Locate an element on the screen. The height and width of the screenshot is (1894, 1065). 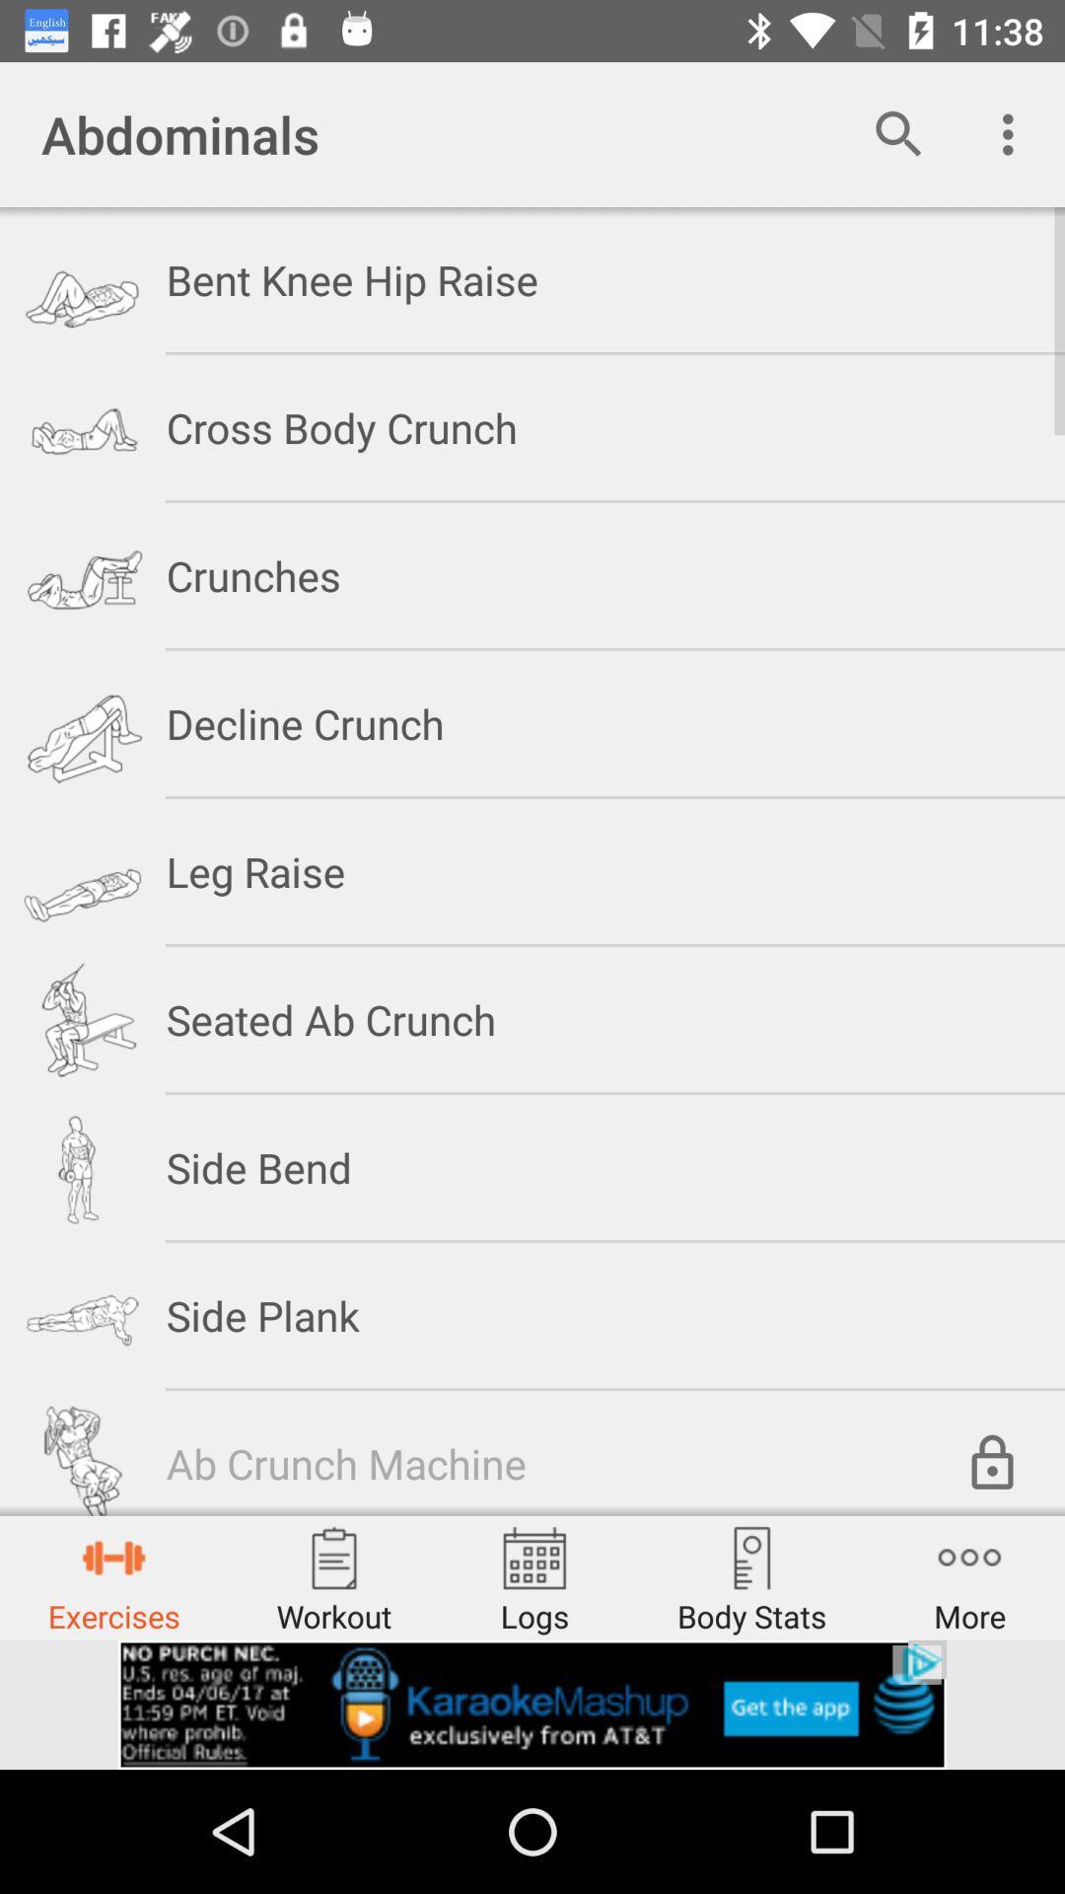
the option is located at coordinates (532, 1704).